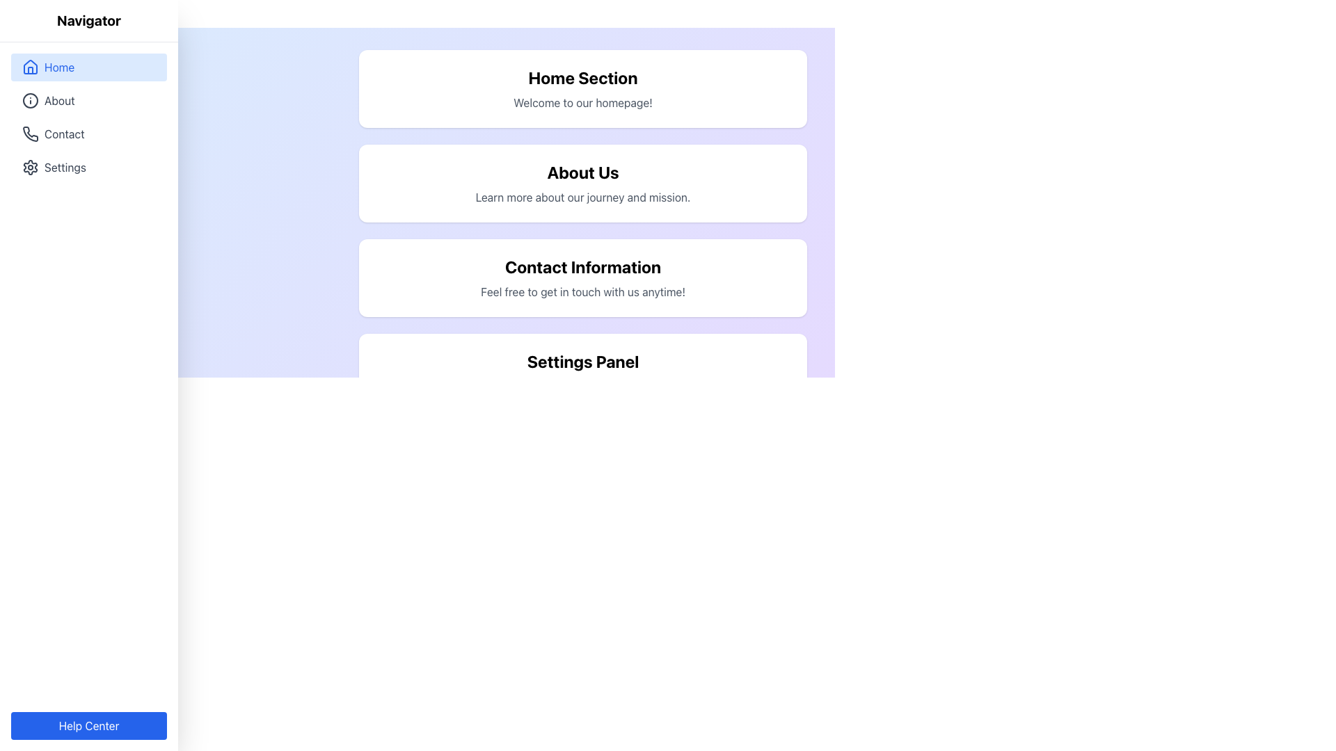 Image resolution: width=1336 pixels, height=751 pixels. What do you see at coordinates (583, 267) in the screenshot?
I see `the bolded text element labeled 'Contact Information', which is located in the third section panel from the top, under 'About Us'` at bounding box center [583, 267].